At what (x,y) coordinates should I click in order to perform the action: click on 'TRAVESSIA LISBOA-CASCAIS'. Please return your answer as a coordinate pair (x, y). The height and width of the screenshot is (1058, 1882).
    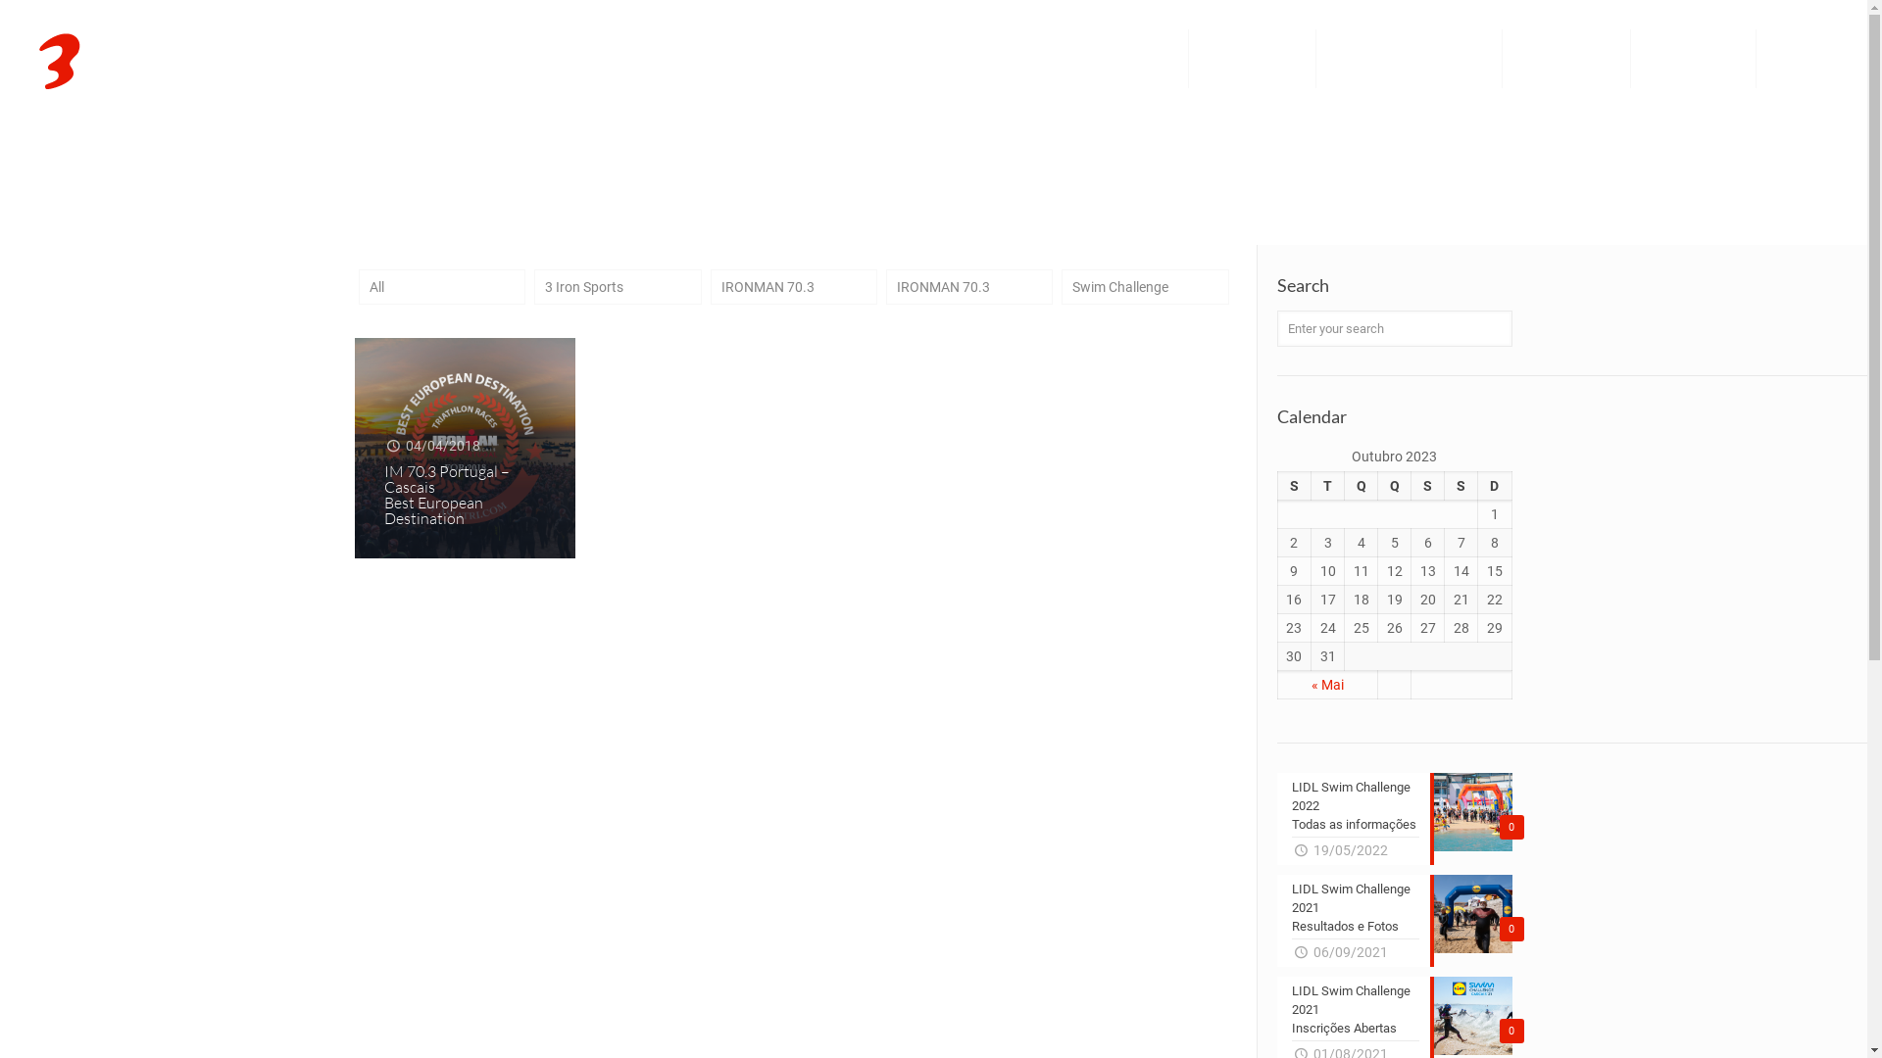
    Looking at the image, I should click on (1409, 58).